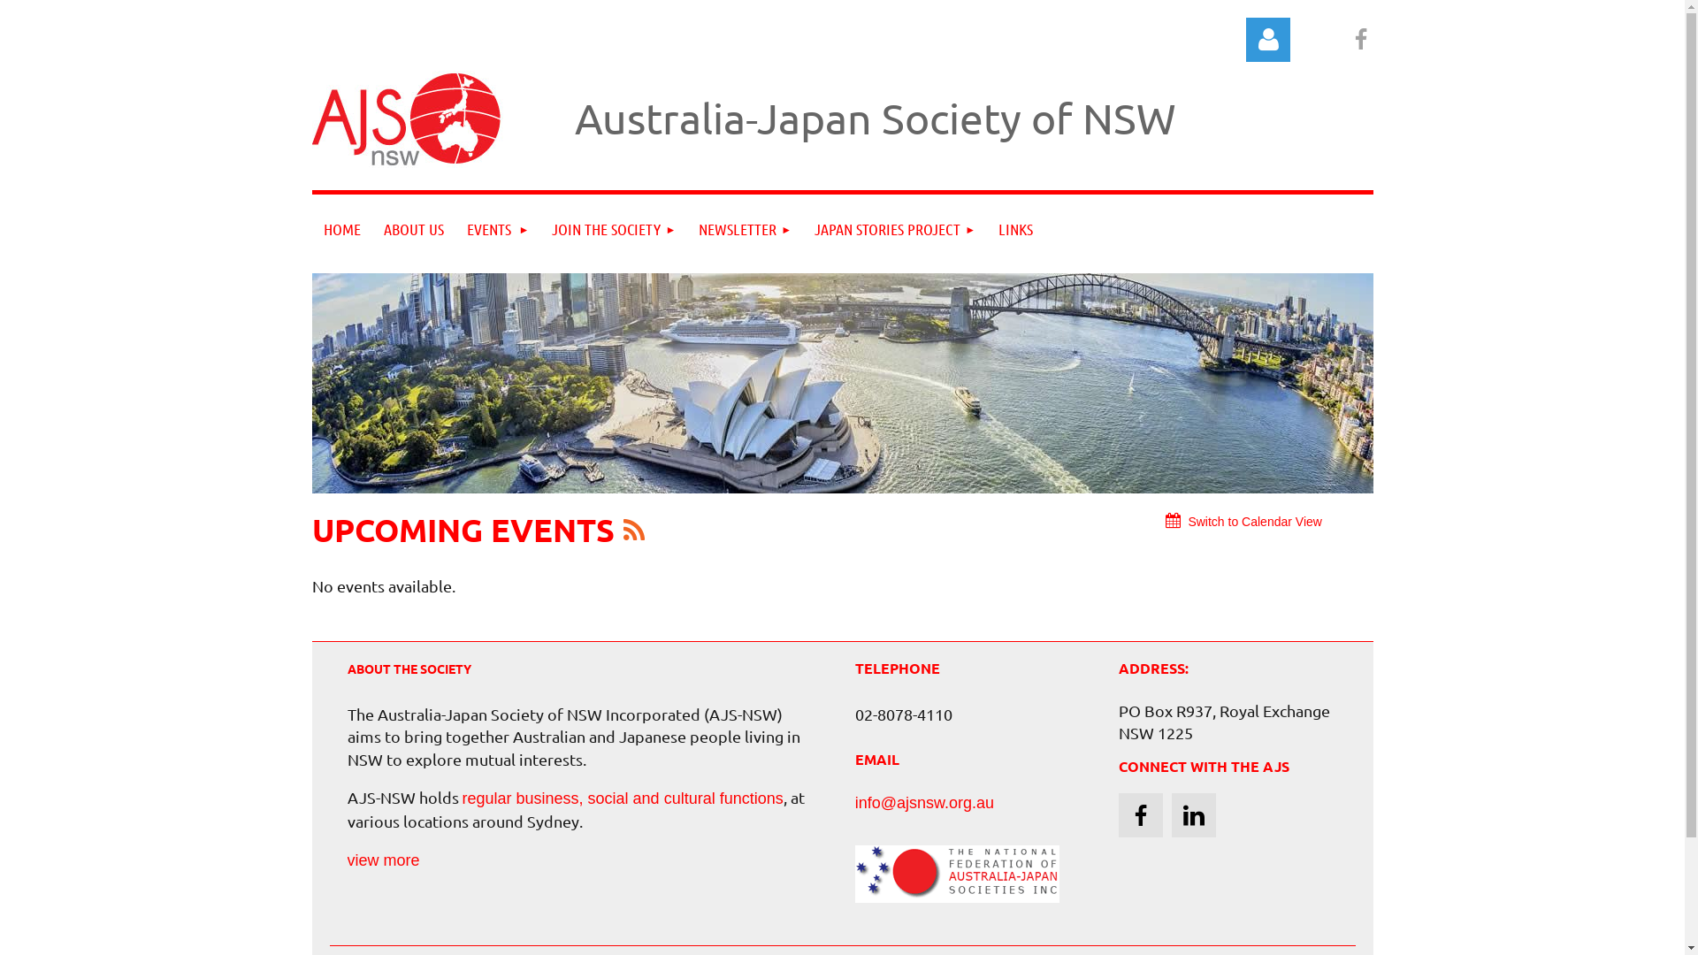 Image resolution: width=1698 pixels, height=955 pixels. I want to click on 'ABOUT US', so click(411, 228).